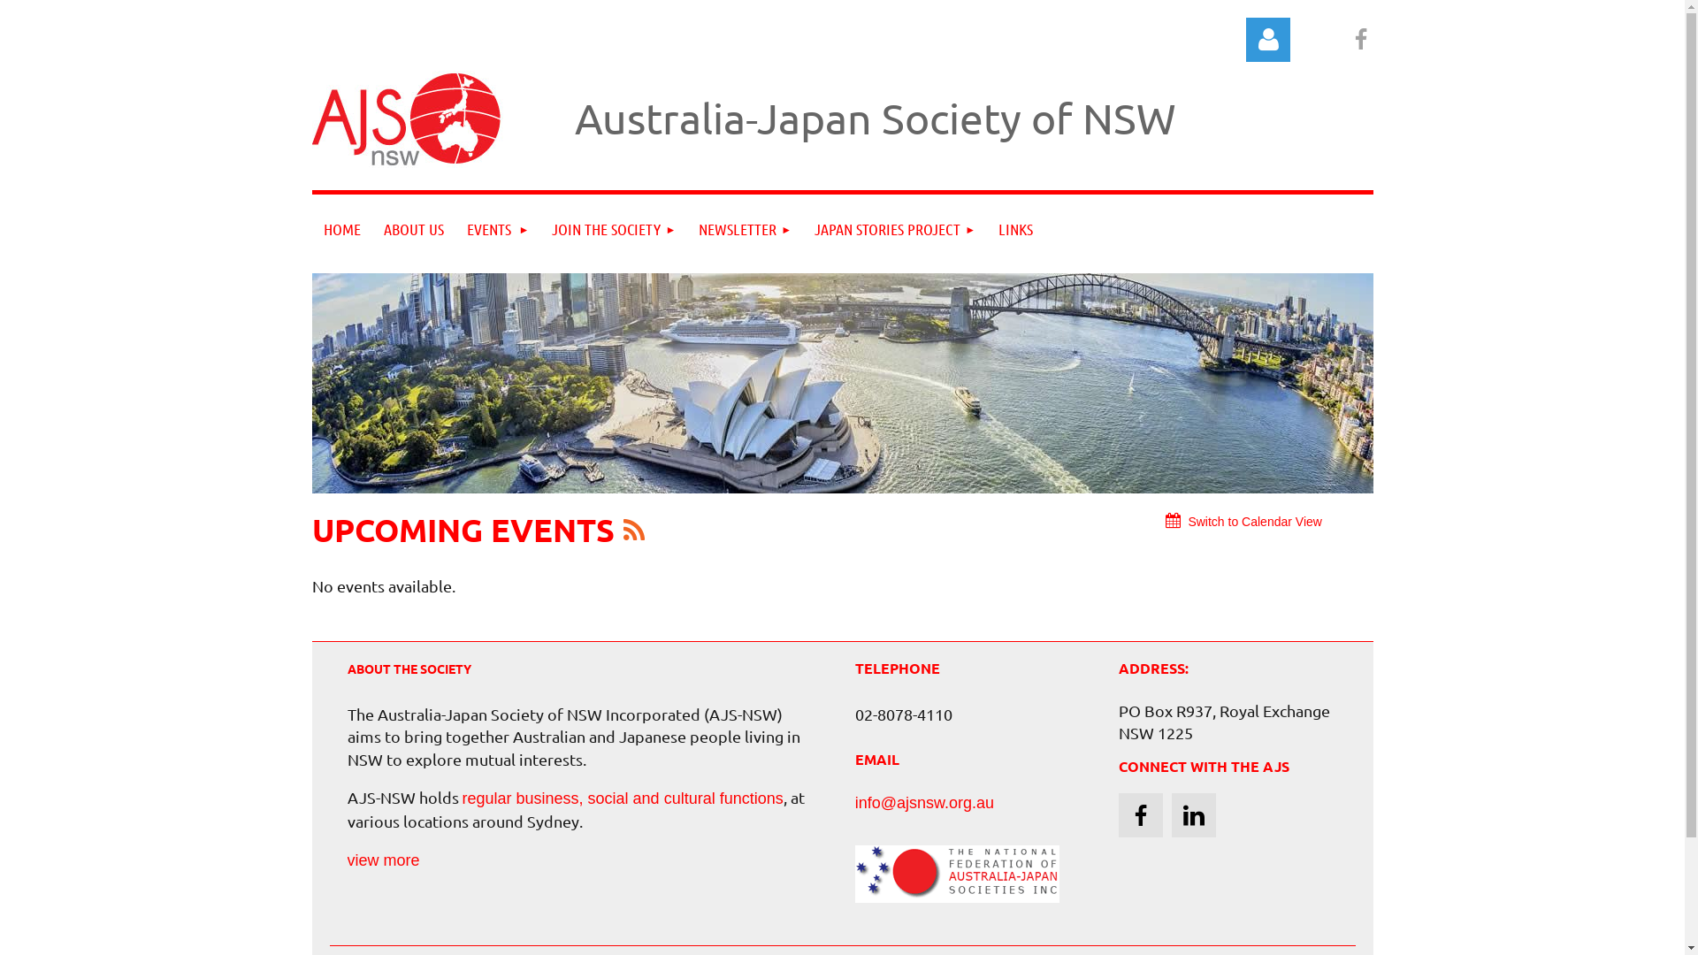 Image resolution: width=1698 pixels, height=955 pixels. I want to click on 'ABOUT US', so click(411, 228).